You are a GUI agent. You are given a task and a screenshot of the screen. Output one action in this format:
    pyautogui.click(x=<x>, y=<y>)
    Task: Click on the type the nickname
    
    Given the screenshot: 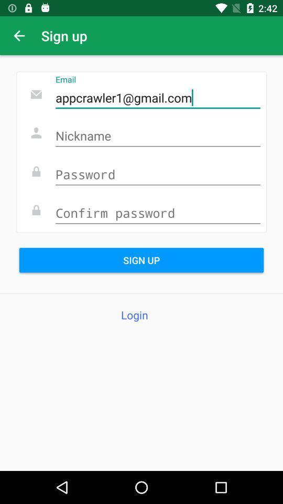 What is the action you would take?
    pyautogui.click(x=157, y=136)
    